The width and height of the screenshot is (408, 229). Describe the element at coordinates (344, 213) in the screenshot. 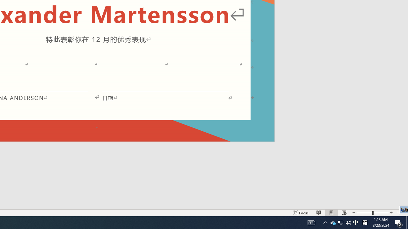

I see `'Web Layout'` at that location.